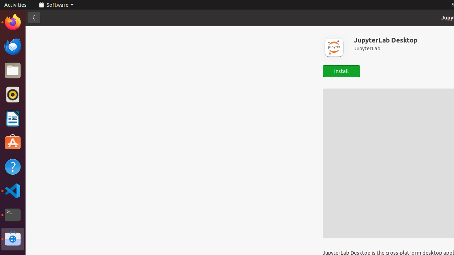 This screenshot has width=454, height=255. What do you see at coordinates (15, 5) in the screenshot?
I see `'Activities'` at bounding box center [15, 5].